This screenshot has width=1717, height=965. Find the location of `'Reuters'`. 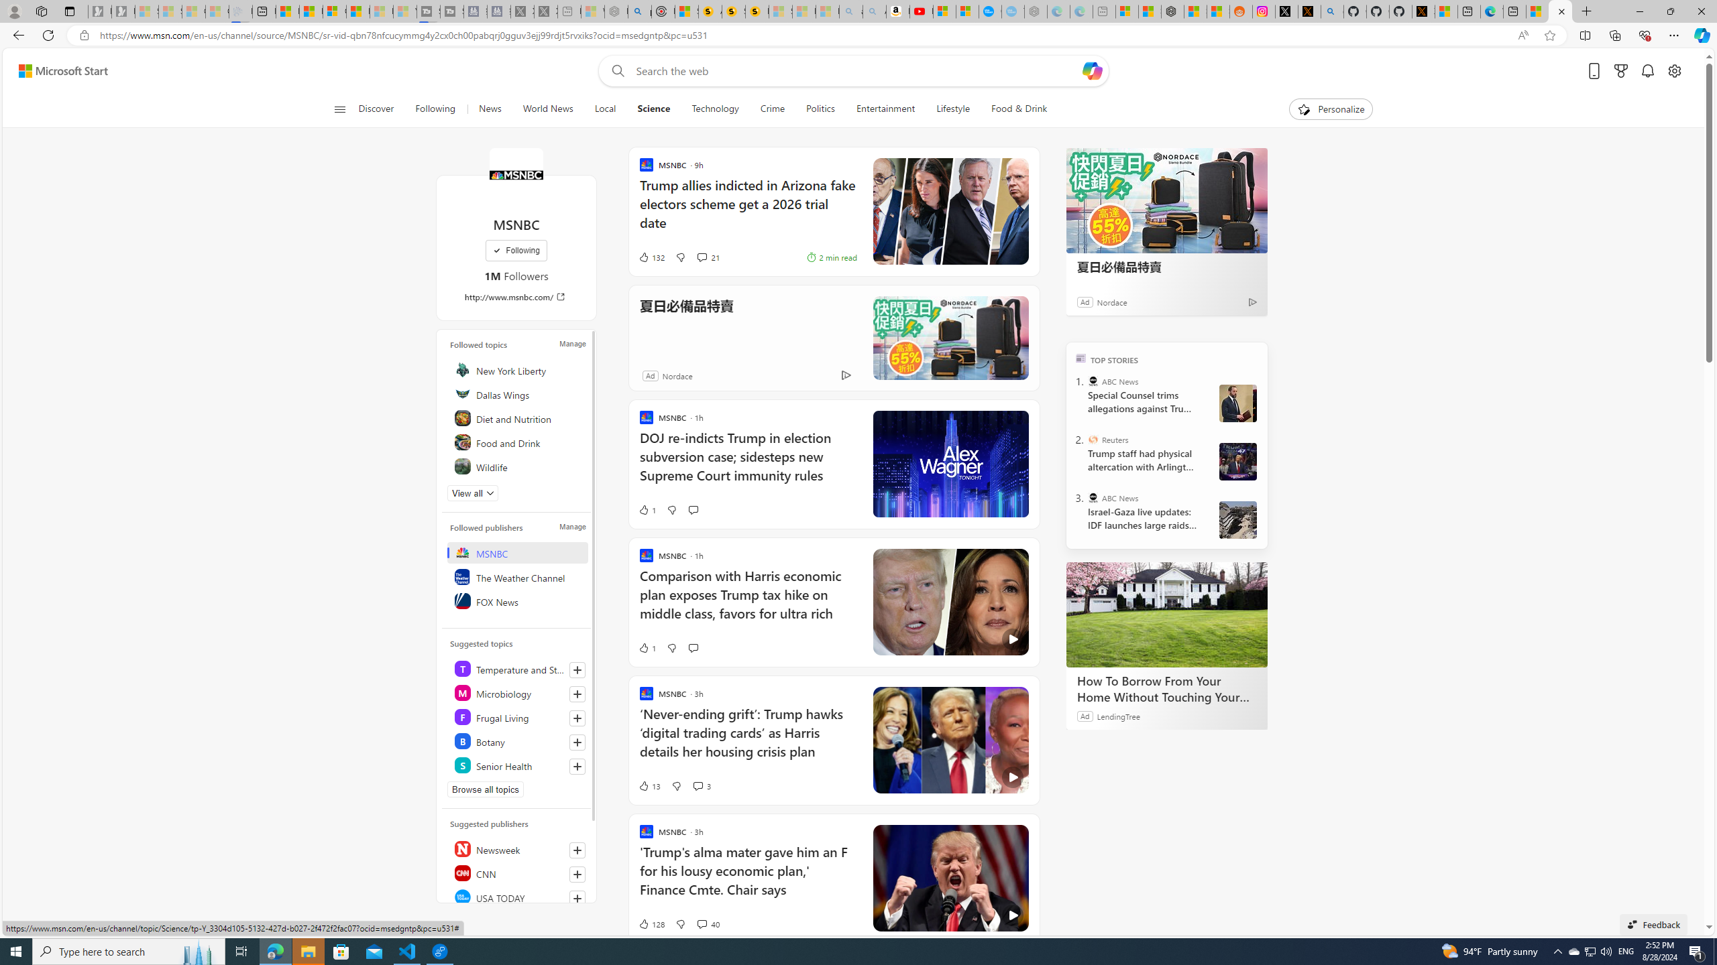

'Reuters' is located at coordinates (1093, 438).